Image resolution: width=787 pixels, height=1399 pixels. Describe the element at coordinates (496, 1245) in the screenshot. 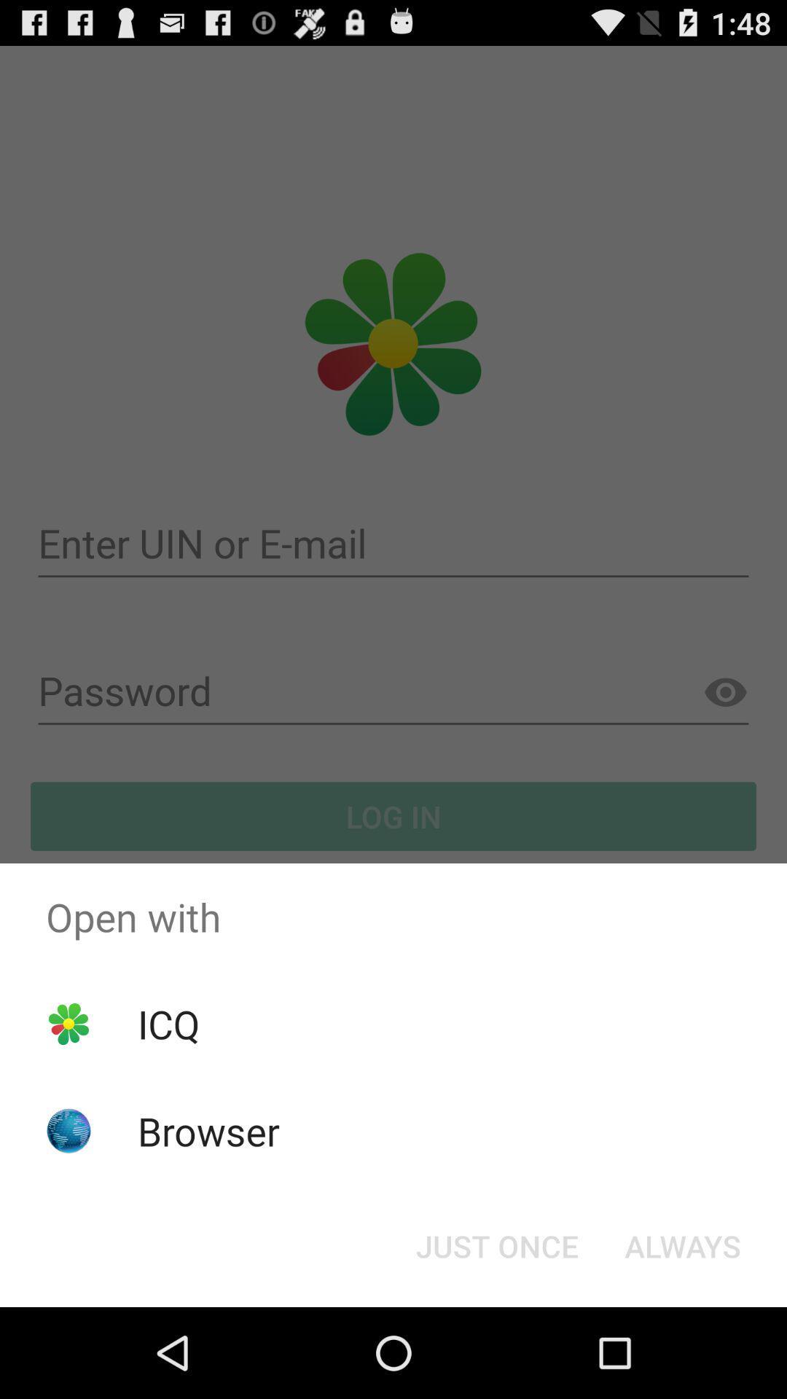

I see `button to the left of always` at that location.